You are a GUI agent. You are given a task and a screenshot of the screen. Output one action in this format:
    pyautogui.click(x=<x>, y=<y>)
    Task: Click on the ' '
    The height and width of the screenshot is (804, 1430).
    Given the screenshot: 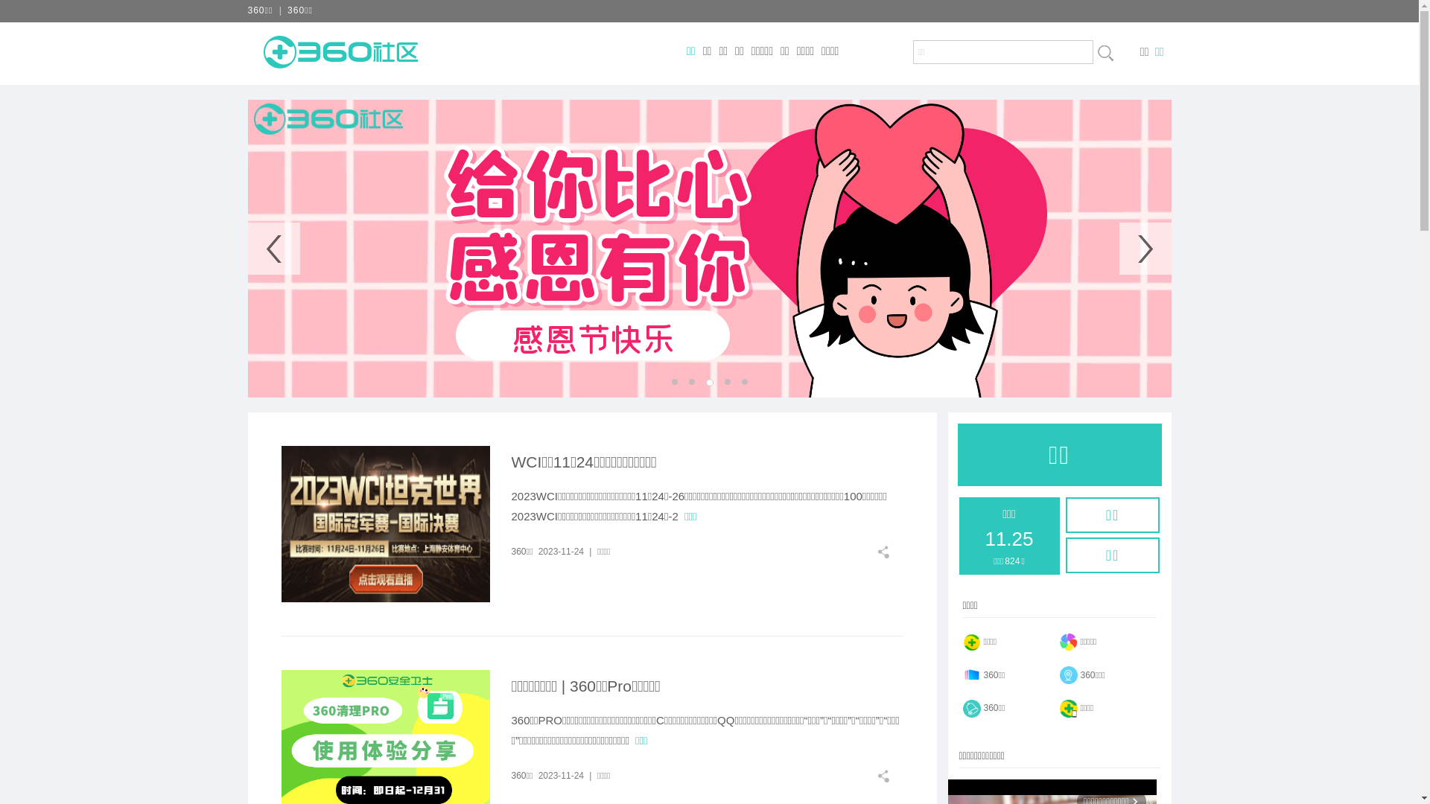 What is the action you would take?
    pyautogui.click(x=889, y=552)
    